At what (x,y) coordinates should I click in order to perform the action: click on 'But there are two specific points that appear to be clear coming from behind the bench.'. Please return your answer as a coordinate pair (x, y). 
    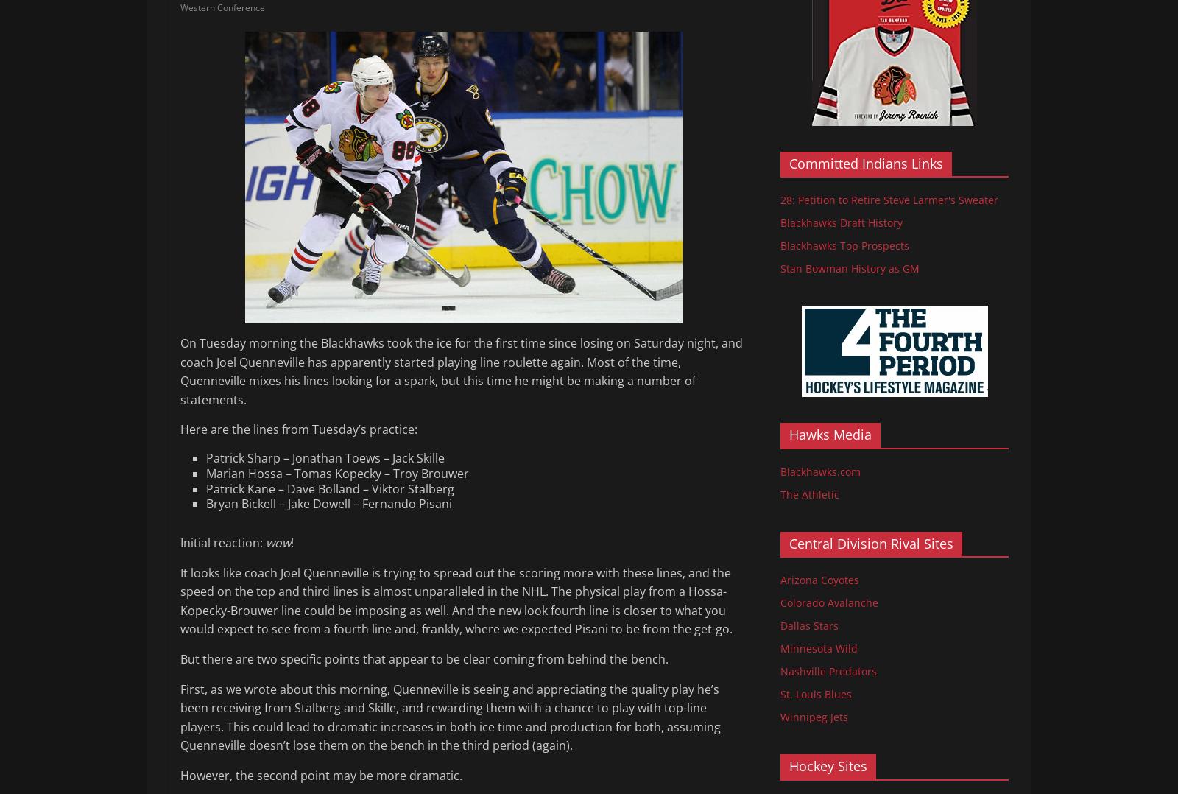
    Looking at the image, I should click on (423, 658).